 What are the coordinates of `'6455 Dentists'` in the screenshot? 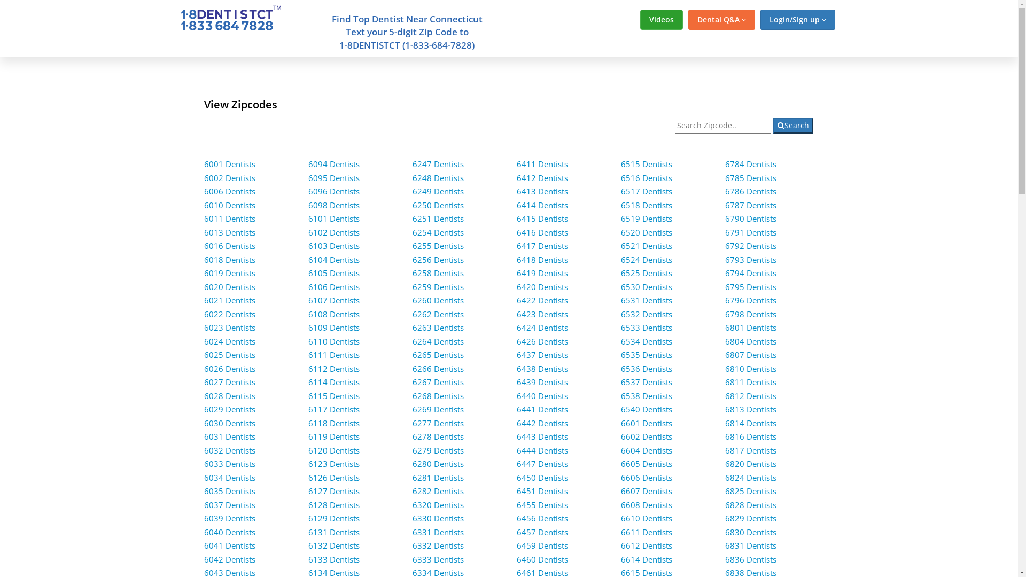 It's located at (542, 505).